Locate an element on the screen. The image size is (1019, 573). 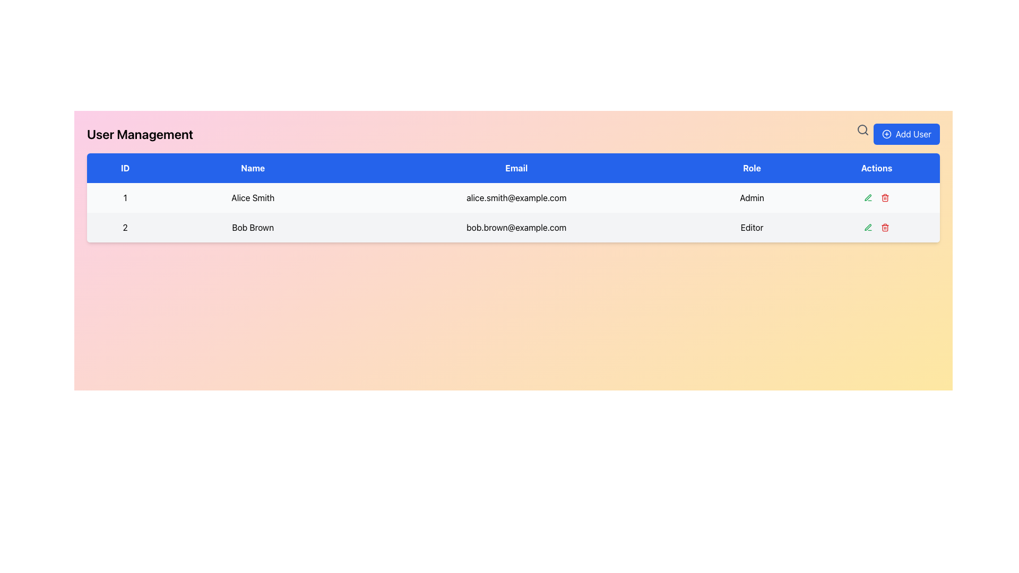
the static text content in the first column of the second row of the data table, which serves as an identifier for the row's position is located at coordinates (125, 227).